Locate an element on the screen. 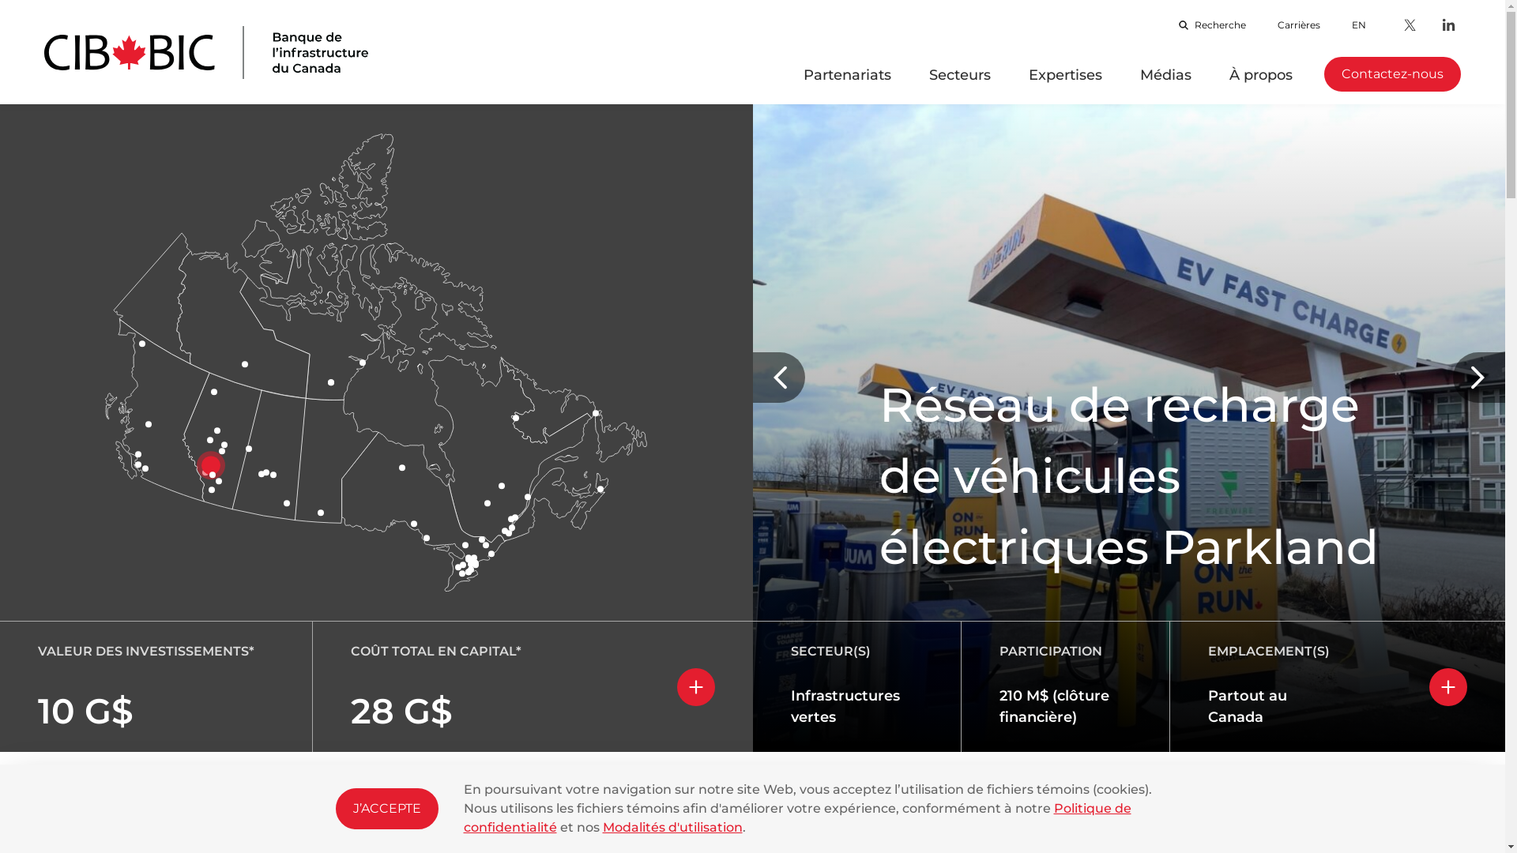 This screenshot has height=853, width=1517. 'Expertises' is located at coordinates (1065, 85).